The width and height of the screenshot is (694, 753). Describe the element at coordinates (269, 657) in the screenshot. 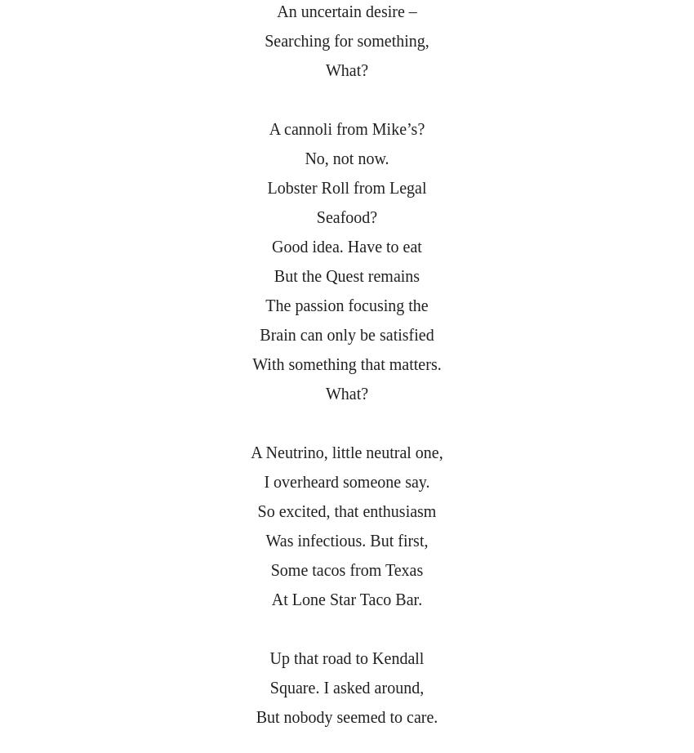

I see `'Up that road to Kendall'` at that location.